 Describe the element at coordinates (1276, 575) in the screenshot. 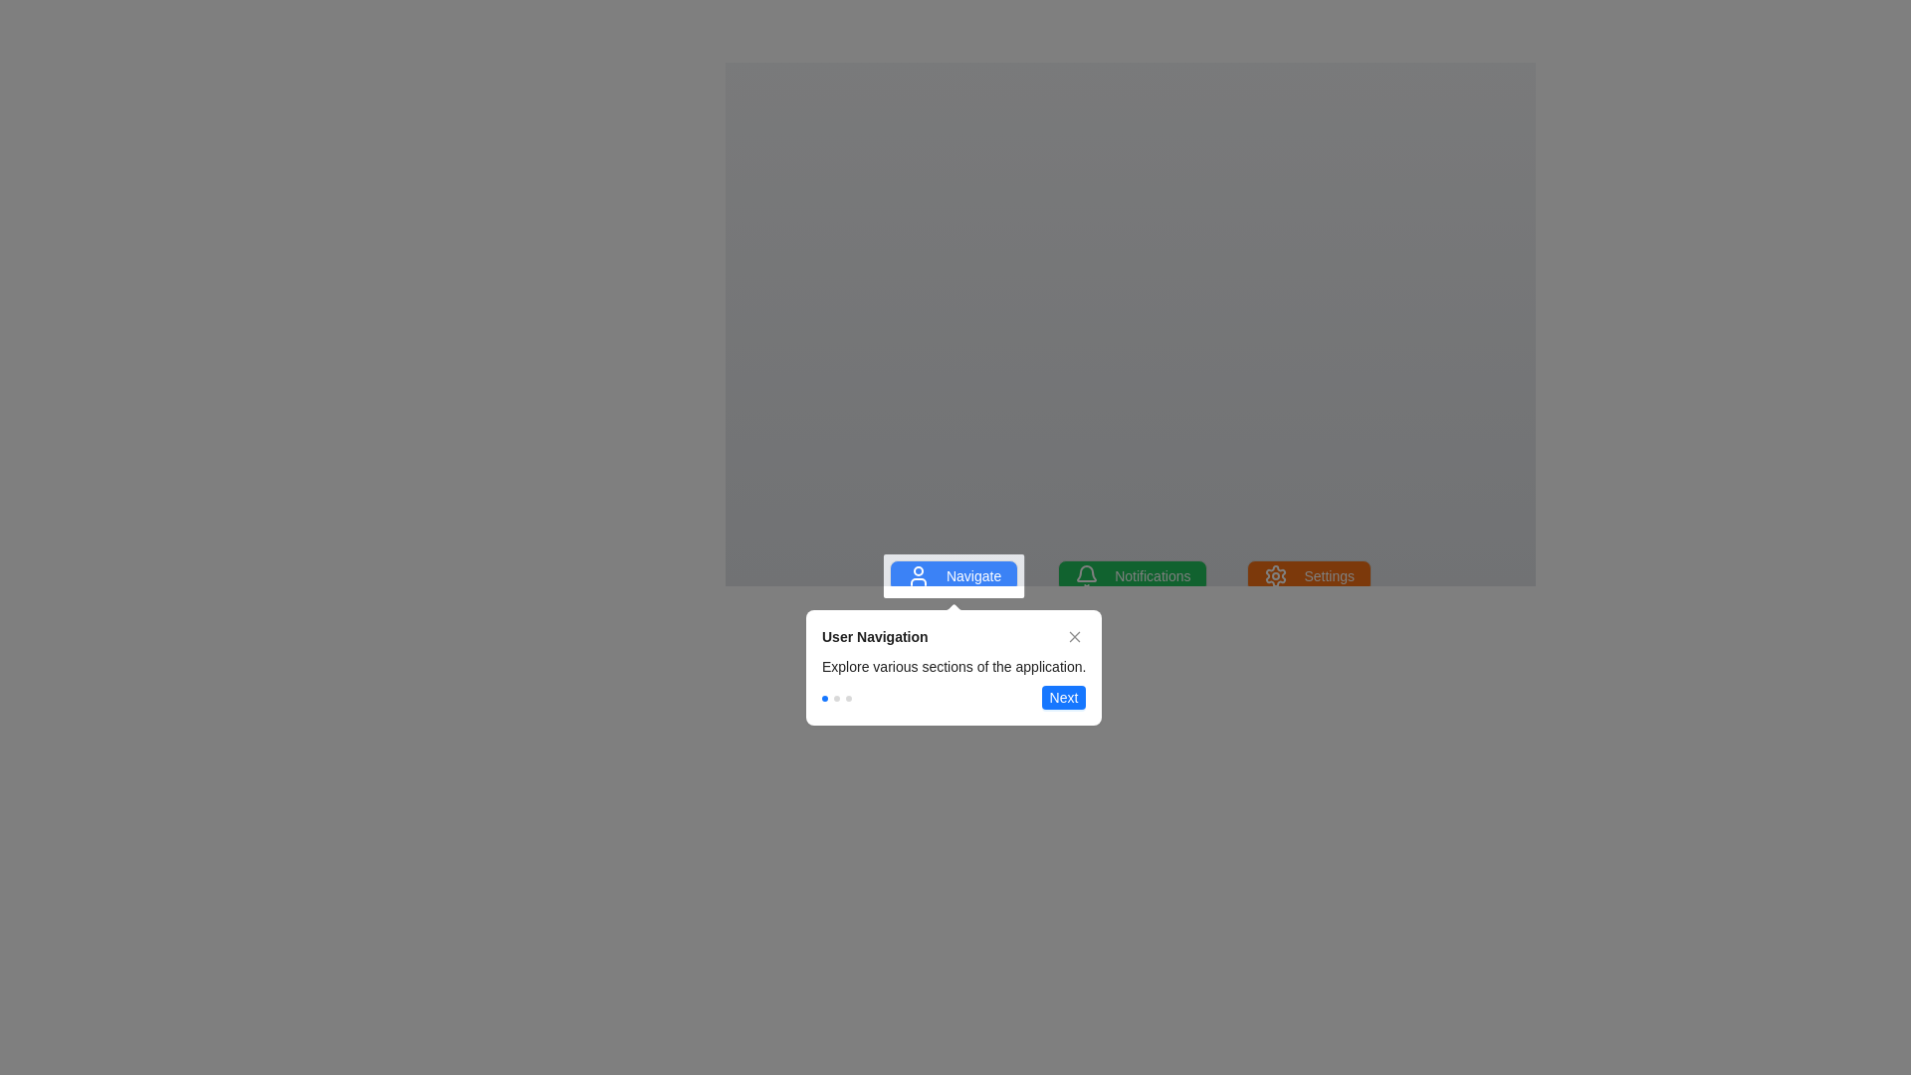

I see `the gear-shaped icon located on the far right of the toolbar` at that location.